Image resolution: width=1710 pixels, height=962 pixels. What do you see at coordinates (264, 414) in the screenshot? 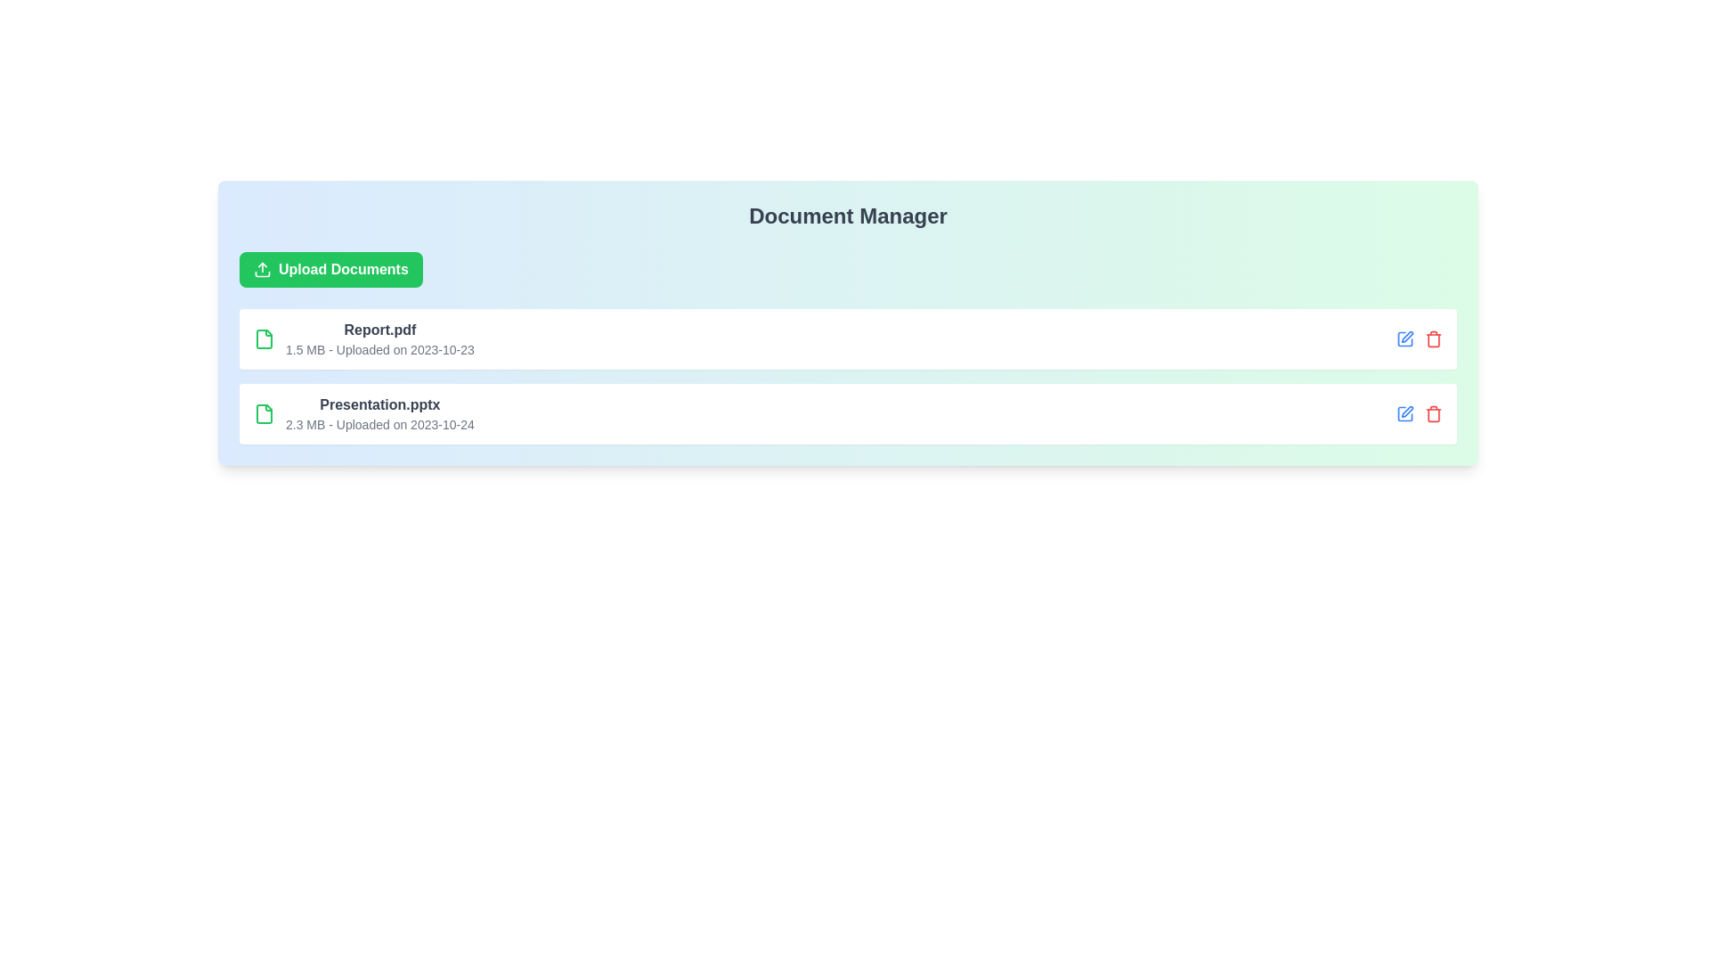
I see `the SVG document file icon, which is a medium green rectangular icon with a folded corner, located to the left of 'Presentation.pptx' in the document list` at bounding box center [264, 414].